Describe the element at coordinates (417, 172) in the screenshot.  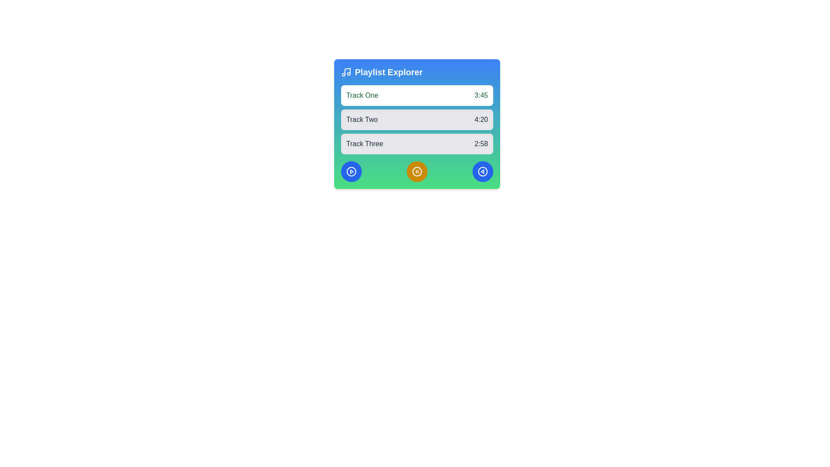
I see `the central circular control button with a yellow background and a white pause symbol` at that location.